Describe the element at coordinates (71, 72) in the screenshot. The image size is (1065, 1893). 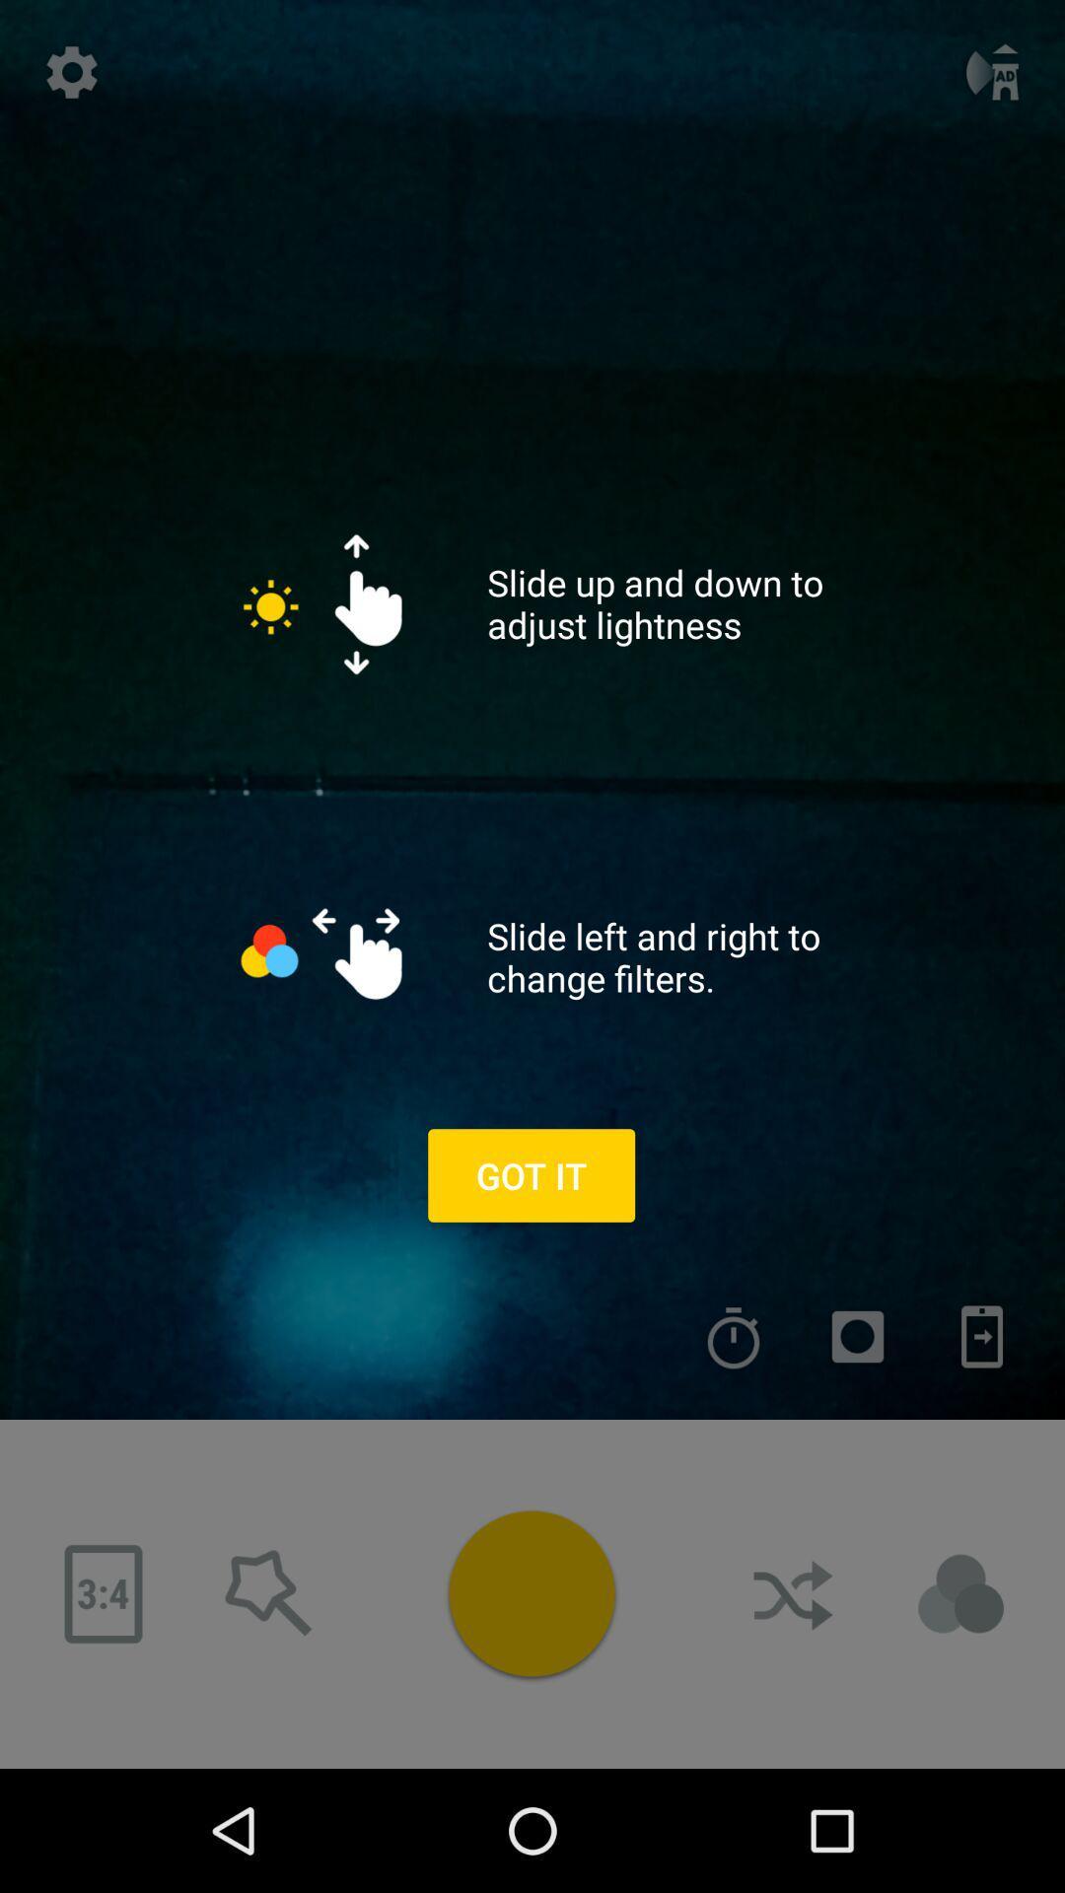
I see `setting button` at that location.